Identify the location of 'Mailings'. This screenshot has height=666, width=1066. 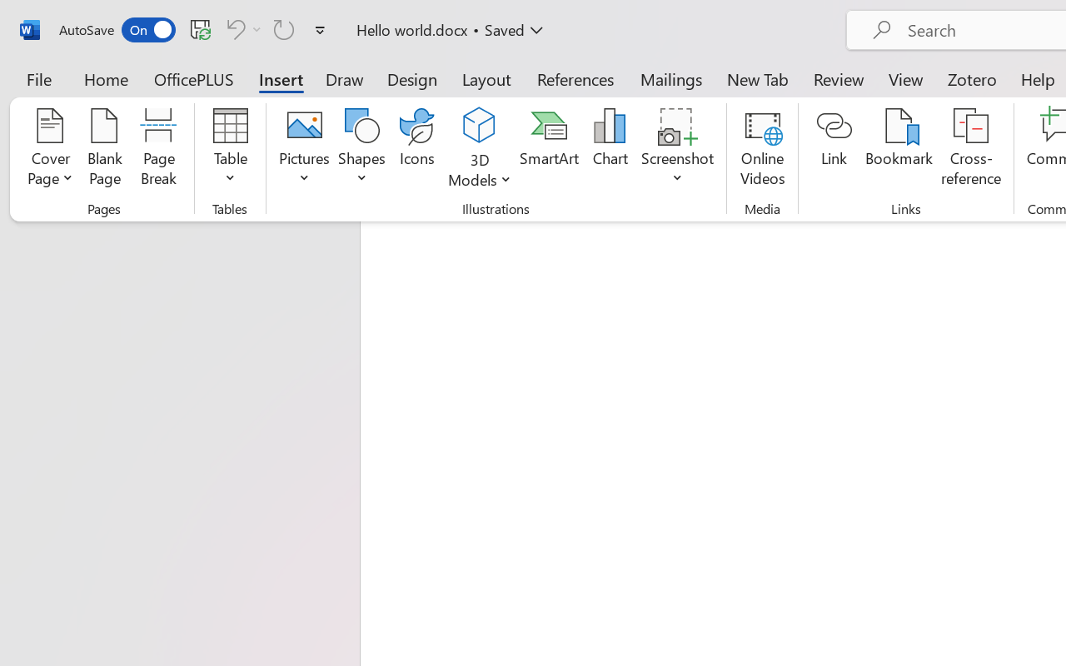
(671, 78).